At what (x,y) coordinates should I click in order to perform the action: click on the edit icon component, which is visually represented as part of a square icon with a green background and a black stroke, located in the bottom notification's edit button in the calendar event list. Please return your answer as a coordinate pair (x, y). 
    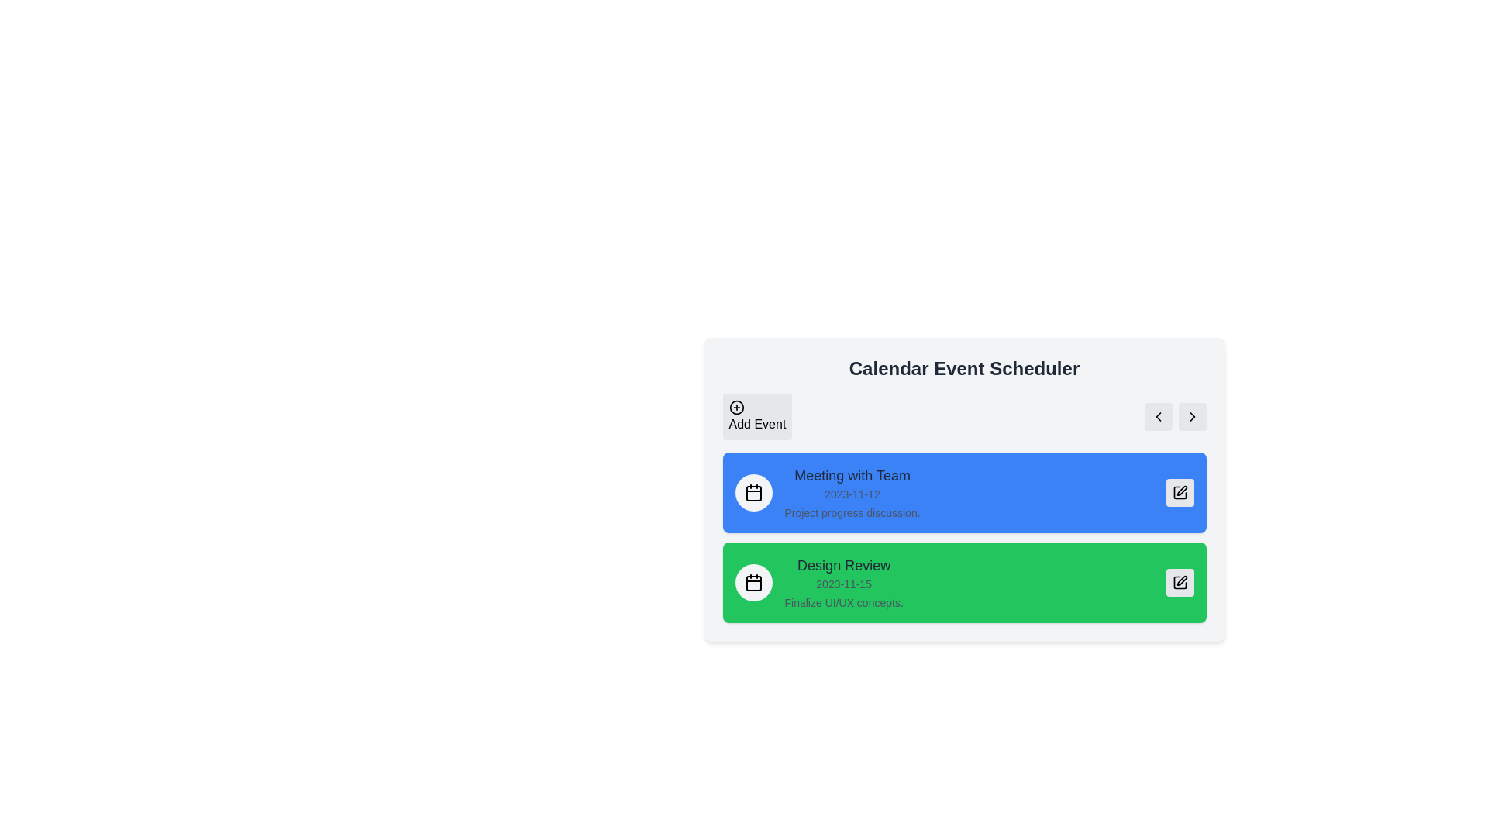
    Looking at the image, I should click on (1179, 583).